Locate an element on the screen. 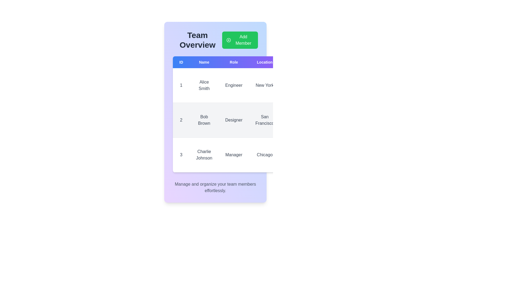  the Static Text Label that represents the role of 'Charlie Johnson' in the table, located in the third row and third column under the 'Role' heading is located at coordinates (234, 155).